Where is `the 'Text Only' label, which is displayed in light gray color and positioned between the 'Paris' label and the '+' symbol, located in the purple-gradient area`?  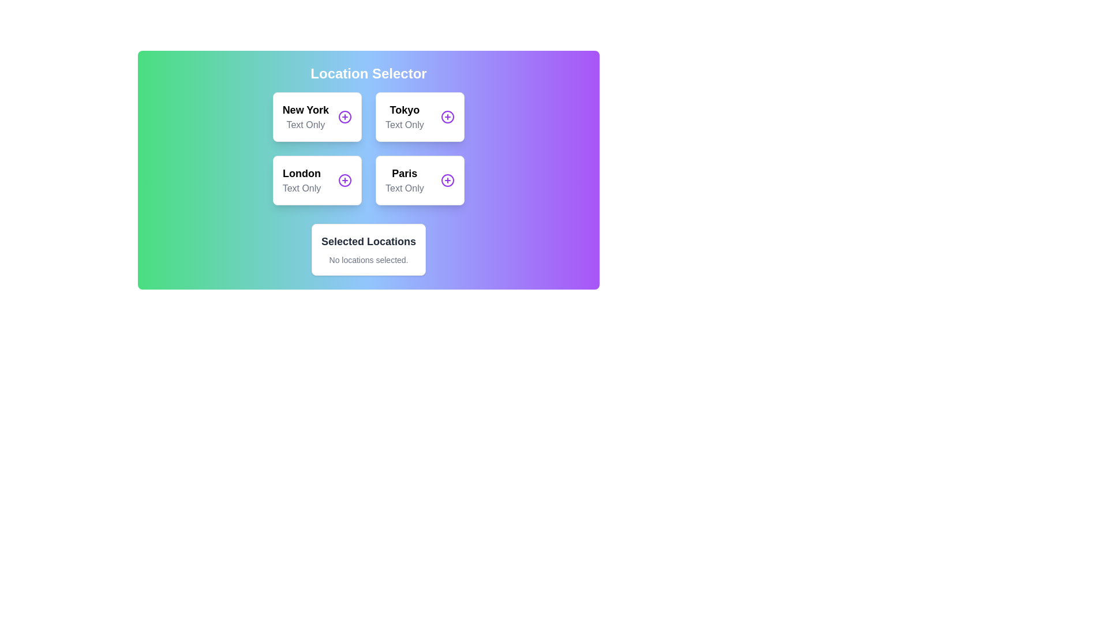
the 'Text Only' label, which is displayed in light gray color and positioned between the 'Paris' label and the '+' symbol, located in the purple-gradient area is located at coordinates (405, 188).